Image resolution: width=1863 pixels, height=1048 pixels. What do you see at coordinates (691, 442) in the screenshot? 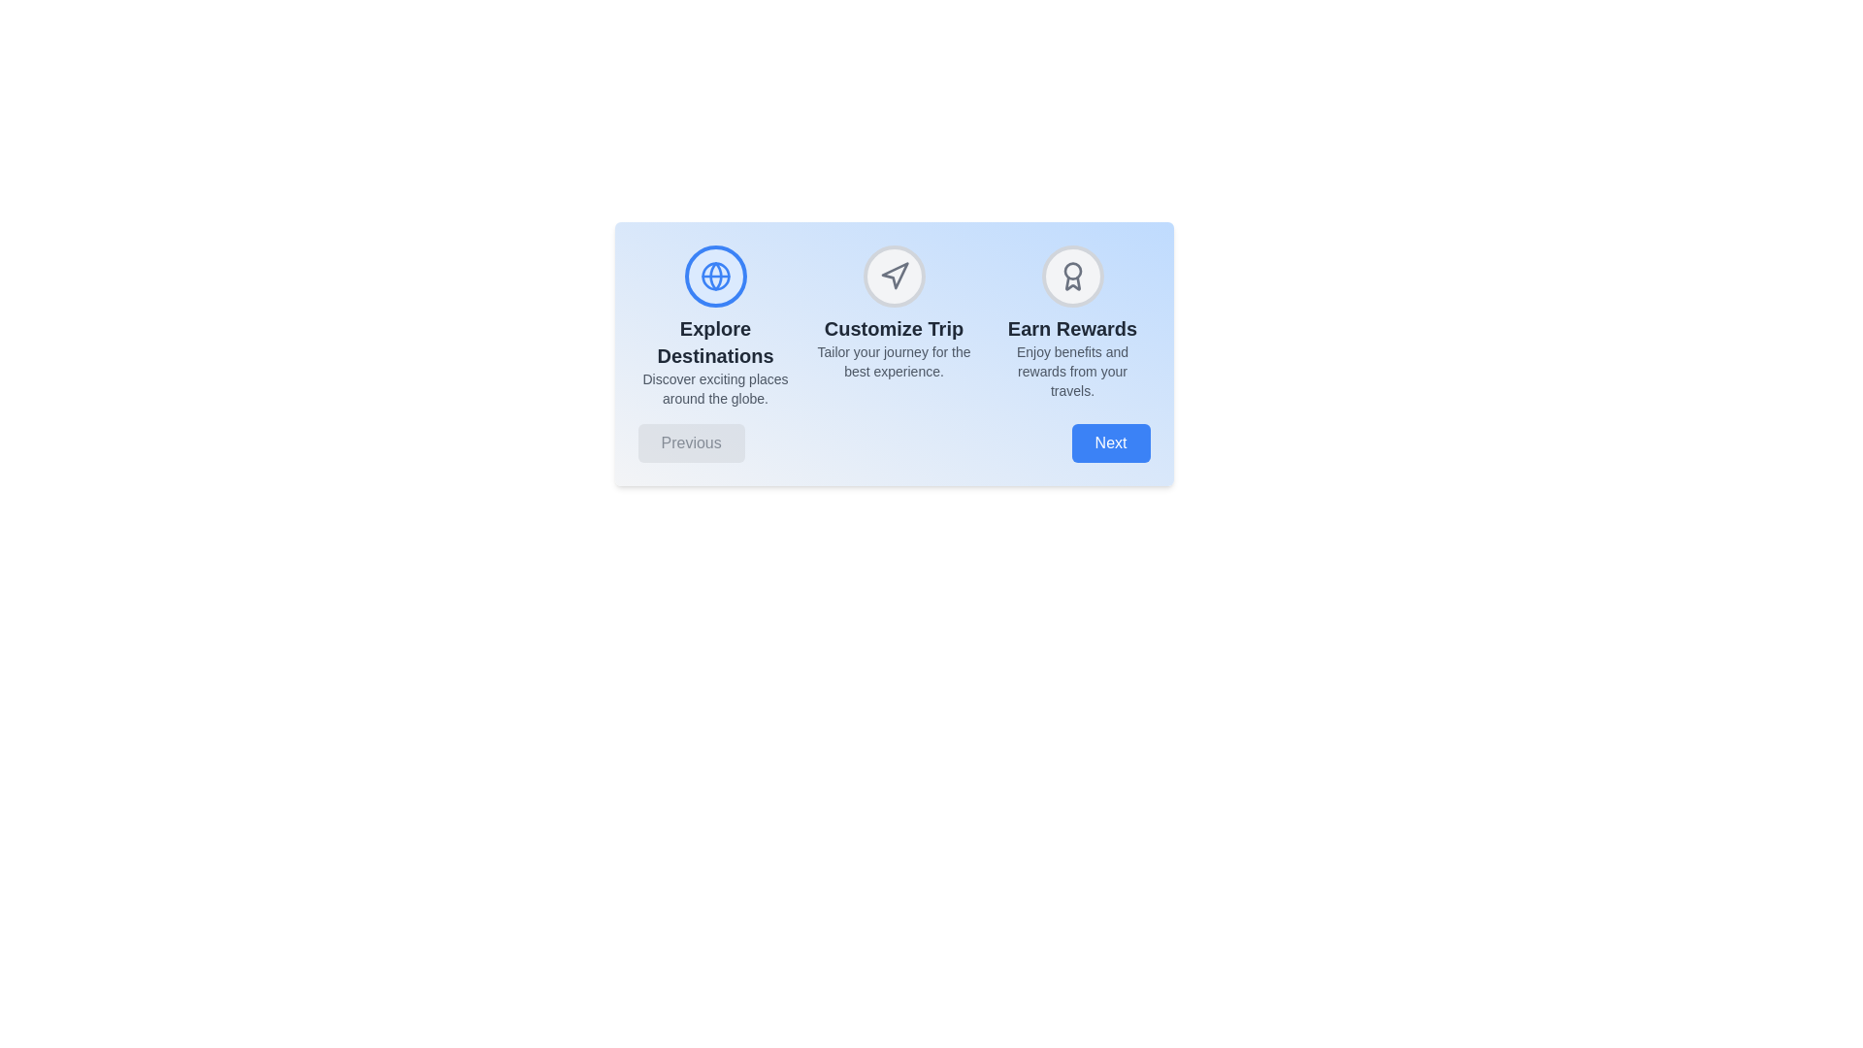
I see `the 'Previous' button to navigate to the previous step` at bounding box center [691, 442].